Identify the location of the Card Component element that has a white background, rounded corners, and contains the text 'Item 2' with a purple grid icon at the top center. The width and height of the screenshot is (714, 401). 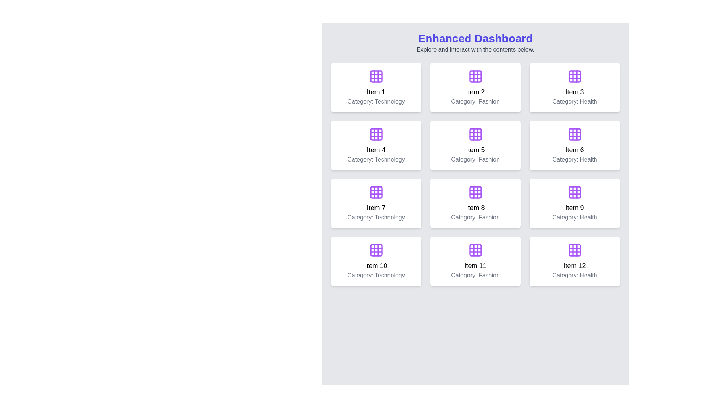
(475, 87).